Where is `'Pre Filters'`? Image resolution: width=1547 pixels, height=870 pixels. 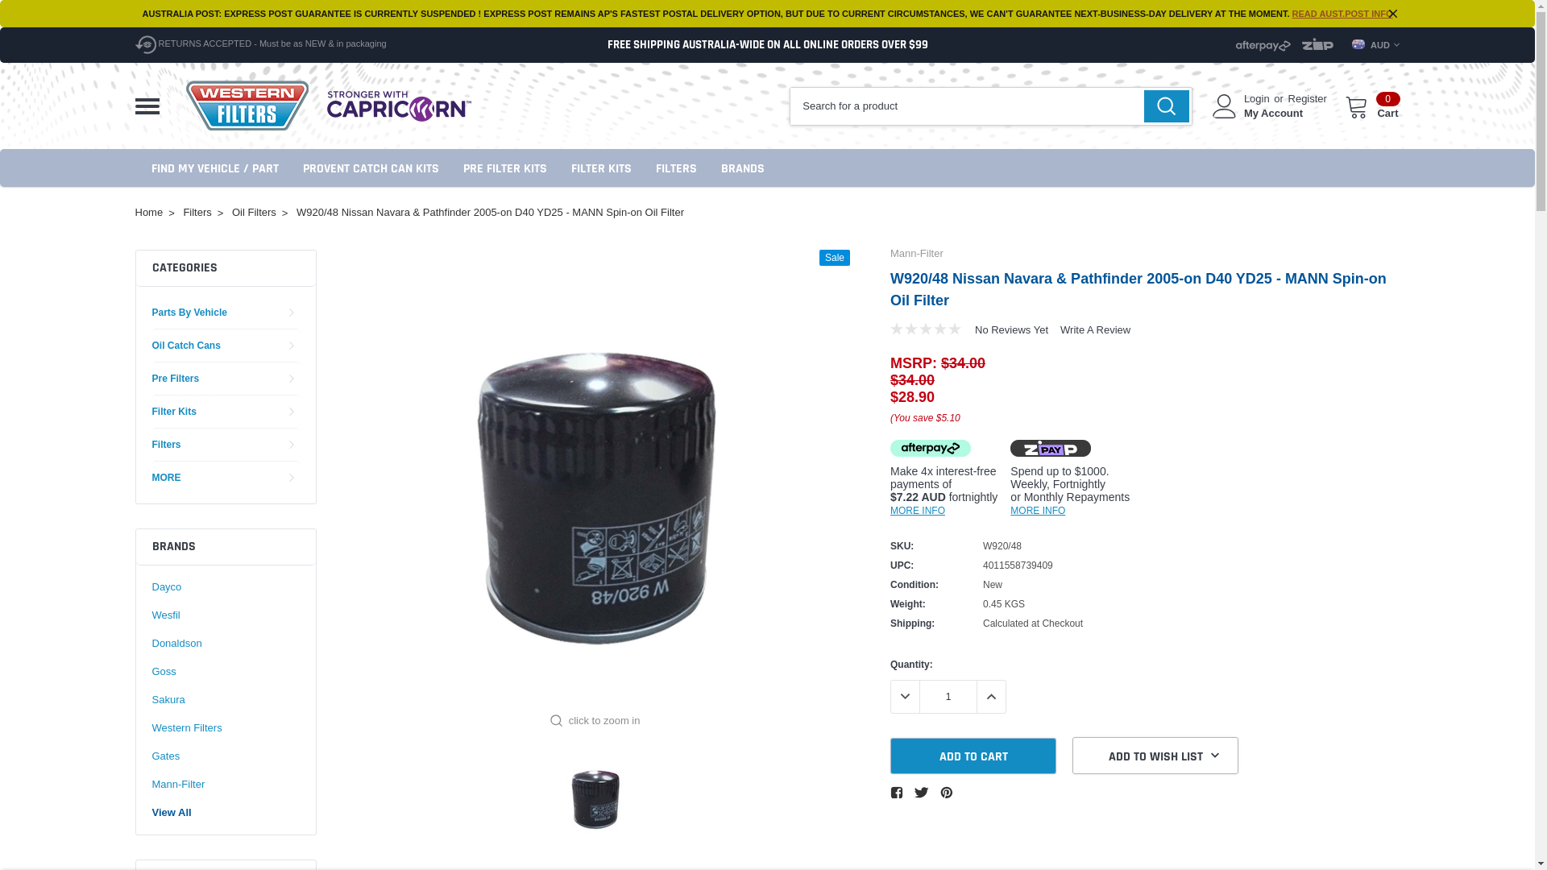
'Pre Filters' is located at coordinates (175, 379).